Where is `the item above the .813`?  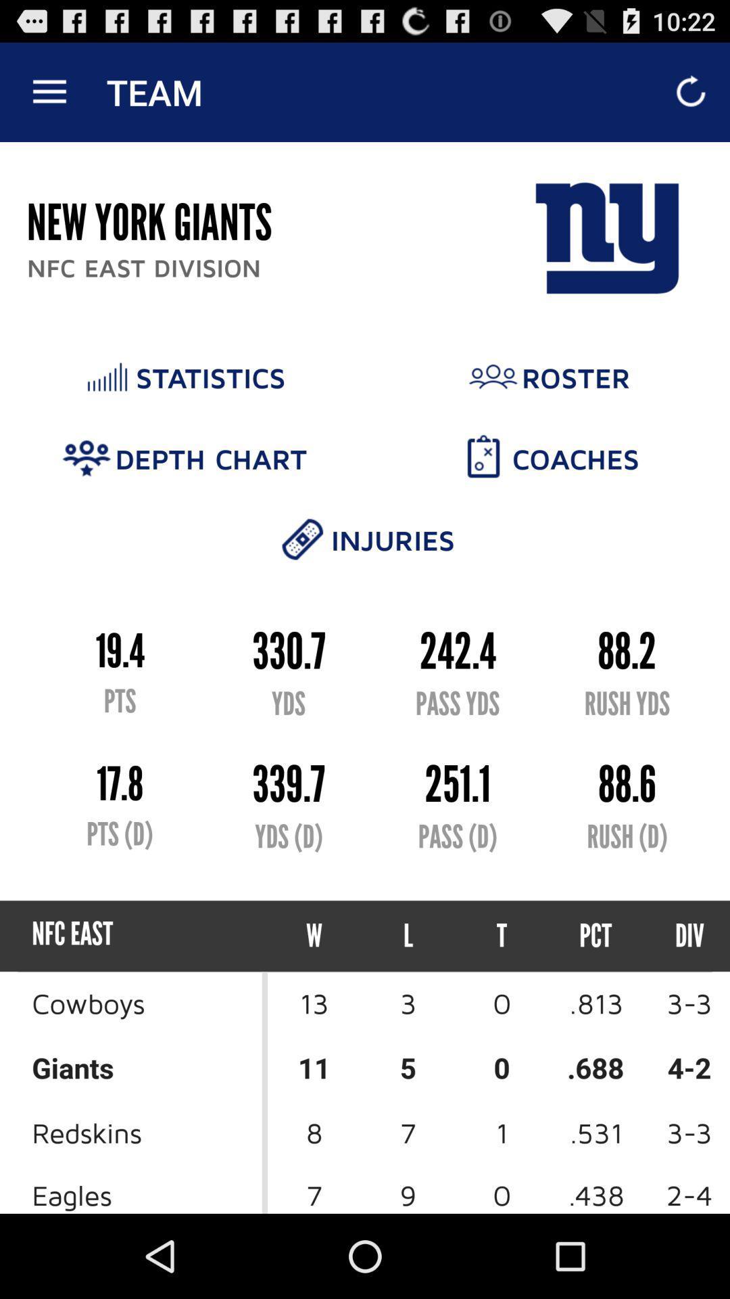 the item above the .813 is located at coordinates (677, 935).